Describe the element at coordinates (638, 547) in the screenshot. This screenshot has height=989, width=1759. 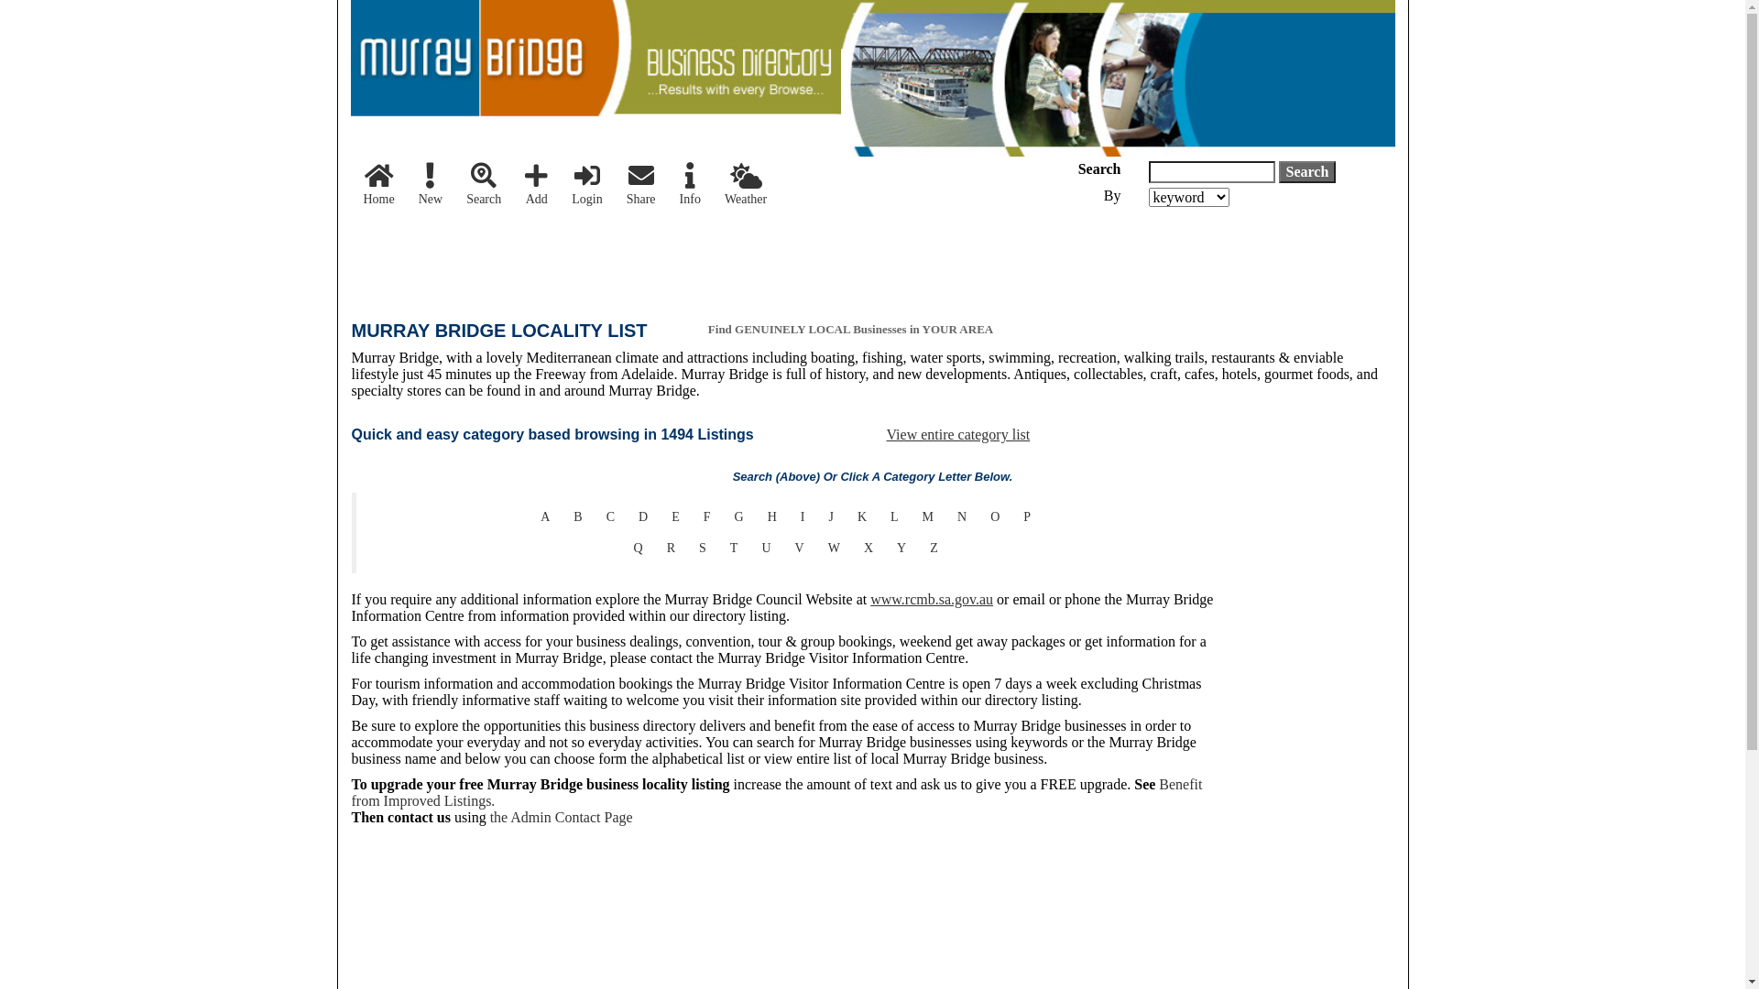
I see `'Q'` at that location.